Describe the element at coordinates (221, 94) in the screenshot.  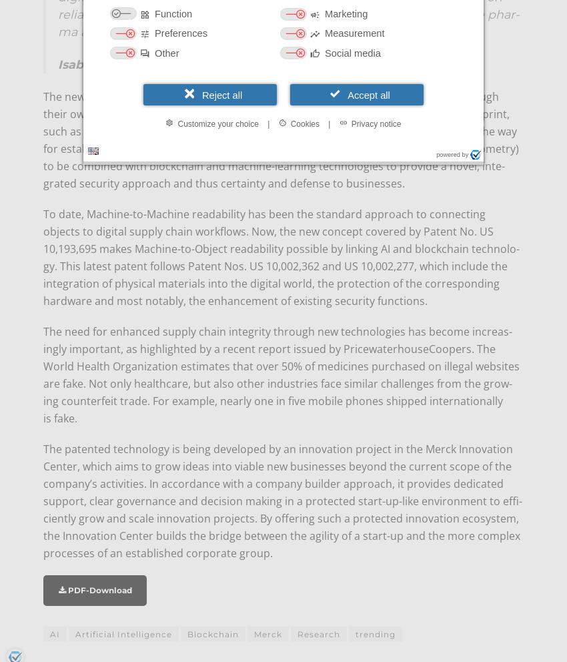
I see `'Reject all'` at that location.